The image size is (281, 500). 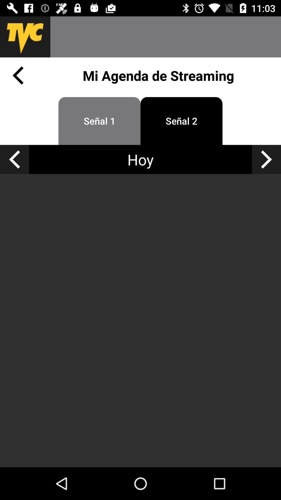 What do you see at coordinates (18, 75) in the screenshot?
I see `previous` at bounding box center [18, 75].